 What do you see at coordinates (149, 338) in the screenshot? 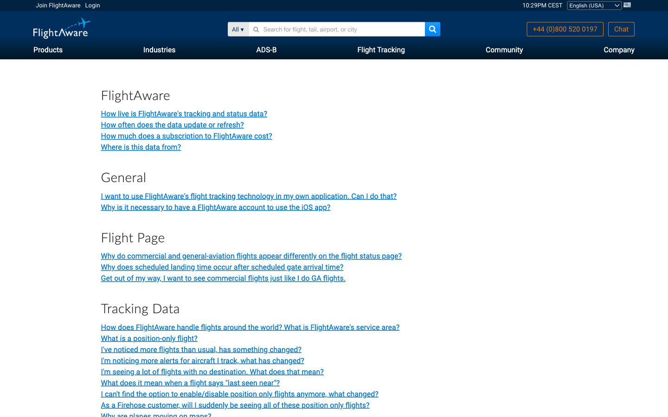
I see `information about position-only flight` at bounding box center [149, 338].